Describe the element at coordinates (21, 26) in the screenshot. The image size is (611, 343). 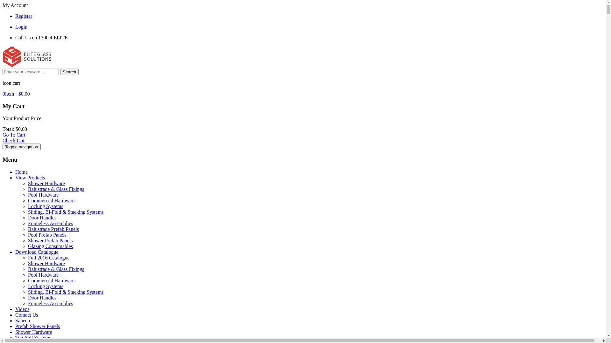
I see `'Login'` at that location.